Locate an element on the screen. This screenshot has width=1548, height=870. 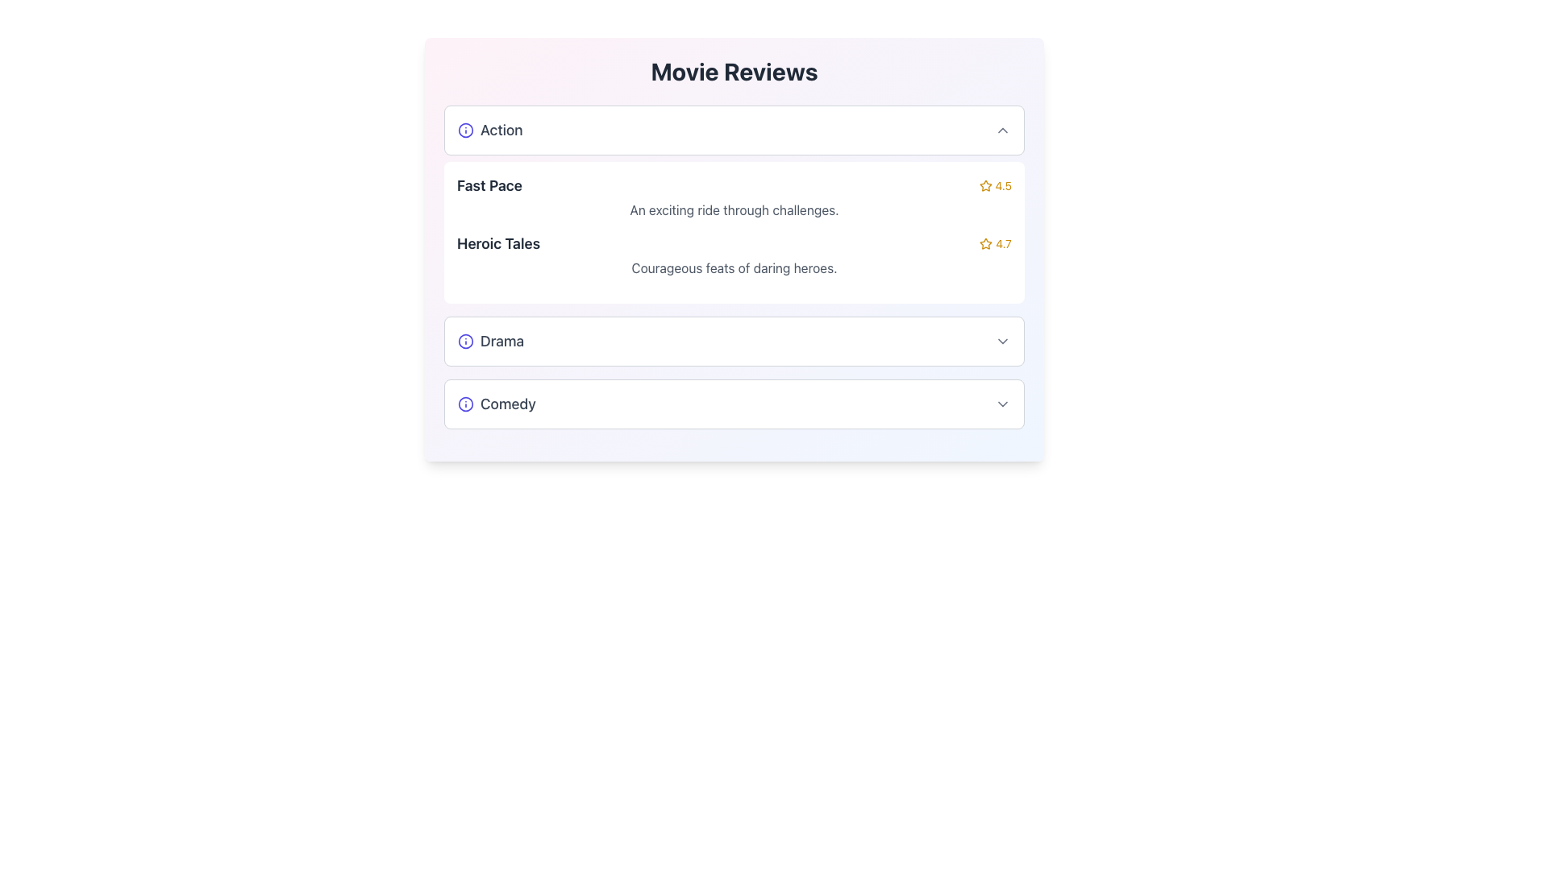
the blue circular icon with a stroked outline located next to the text 'Drama' in the 'Drama' section is located at coordinates (464, 341).